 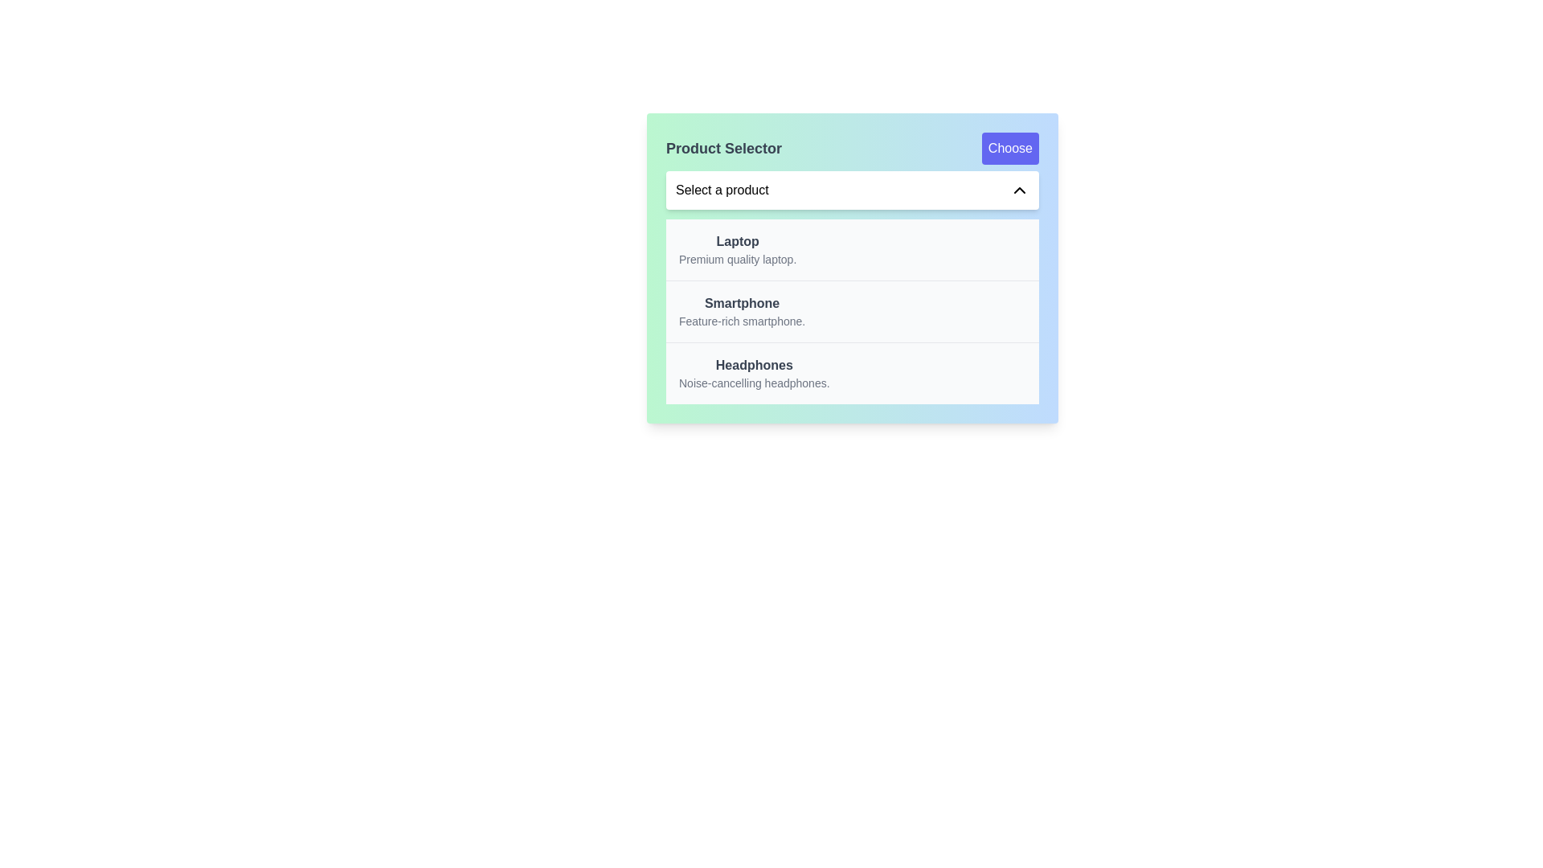 I want to click on the text label displaying 'Feature-rich smartphone.' located under the 'Smartphone' title in the product description layout, so click(x=741, y=321).